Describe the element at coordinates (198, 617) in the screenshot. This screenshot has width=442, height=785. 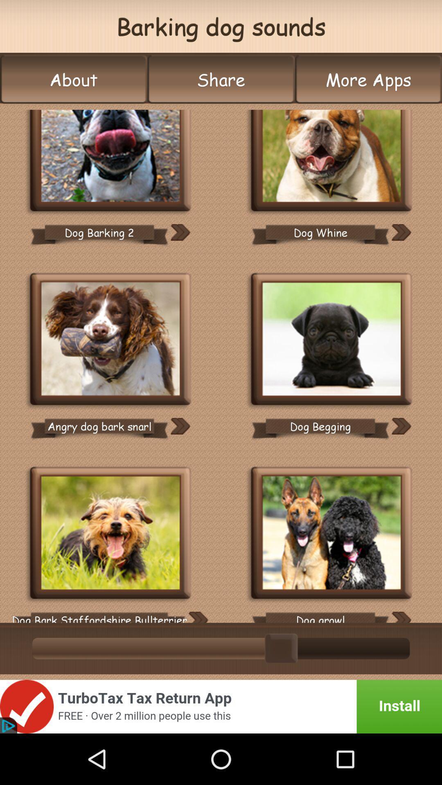
I see `show more of selection` at that location.